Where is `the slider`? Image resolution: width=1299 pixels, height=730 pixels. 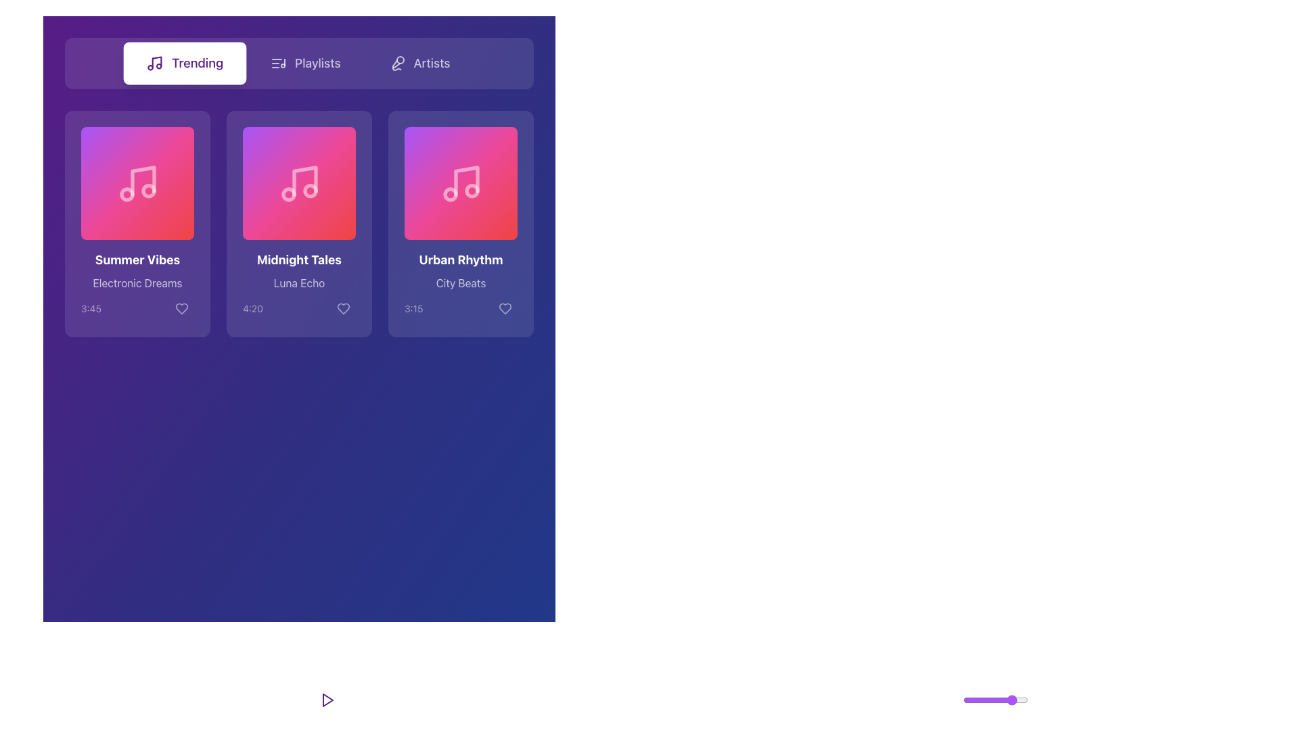
the slider is located at coordinates (973, 700).